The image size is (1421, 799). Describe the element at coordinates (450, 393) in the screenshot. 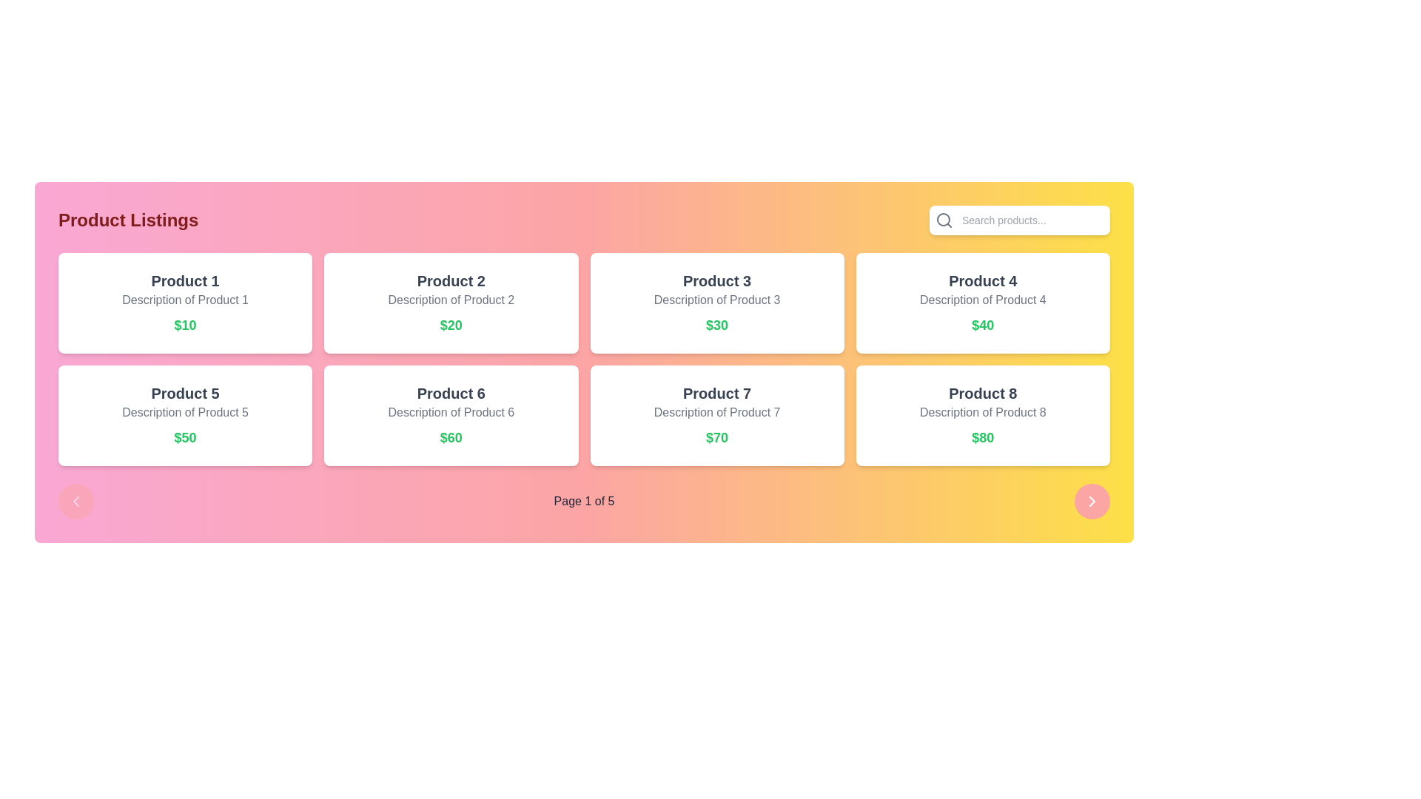

I see `the Label element that serves as the title or name of Product 6, which is located at the top of its card in the product listing interface` at that location.